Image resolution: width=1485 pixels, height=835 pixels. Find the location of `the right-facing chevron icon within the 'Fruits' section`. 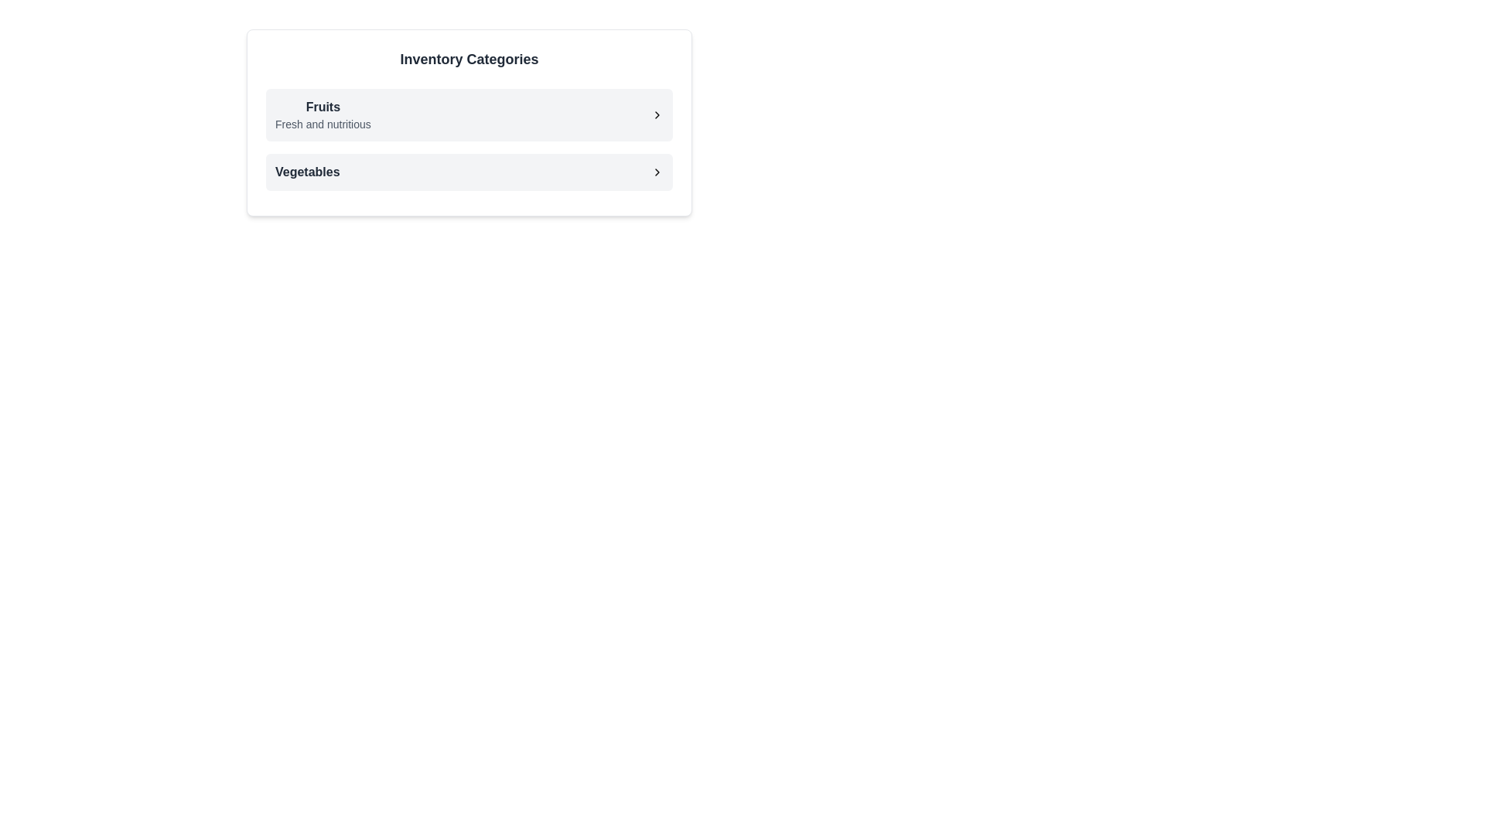

the right-facing chevron icon within the 'Fruits' section is located at coordinates (657, 114).